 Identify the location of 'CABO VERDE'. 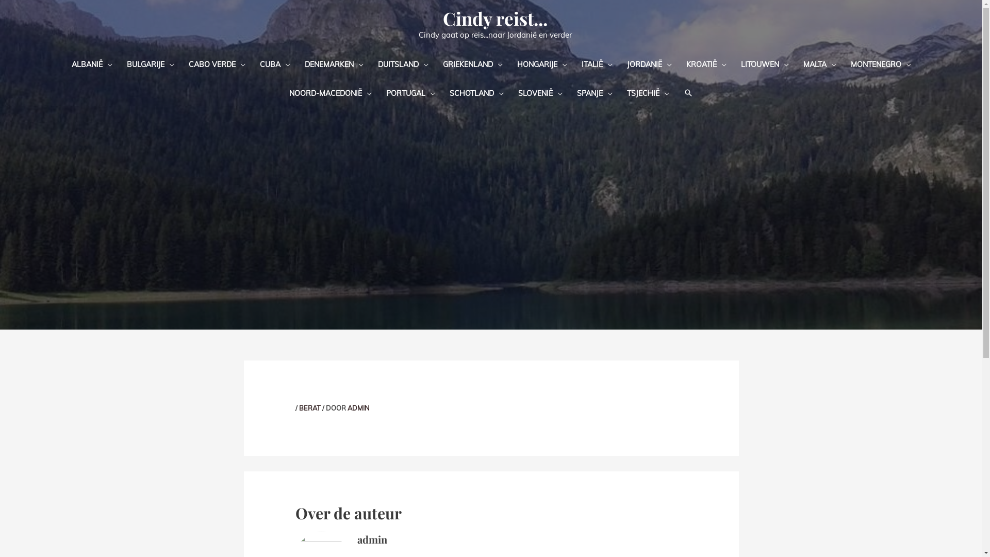
(217, 63).